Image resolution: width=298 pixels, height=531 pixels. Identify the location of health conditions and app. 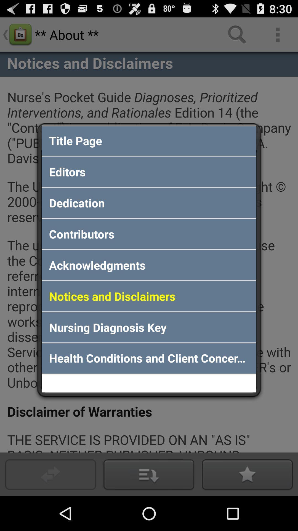
(149, 358).